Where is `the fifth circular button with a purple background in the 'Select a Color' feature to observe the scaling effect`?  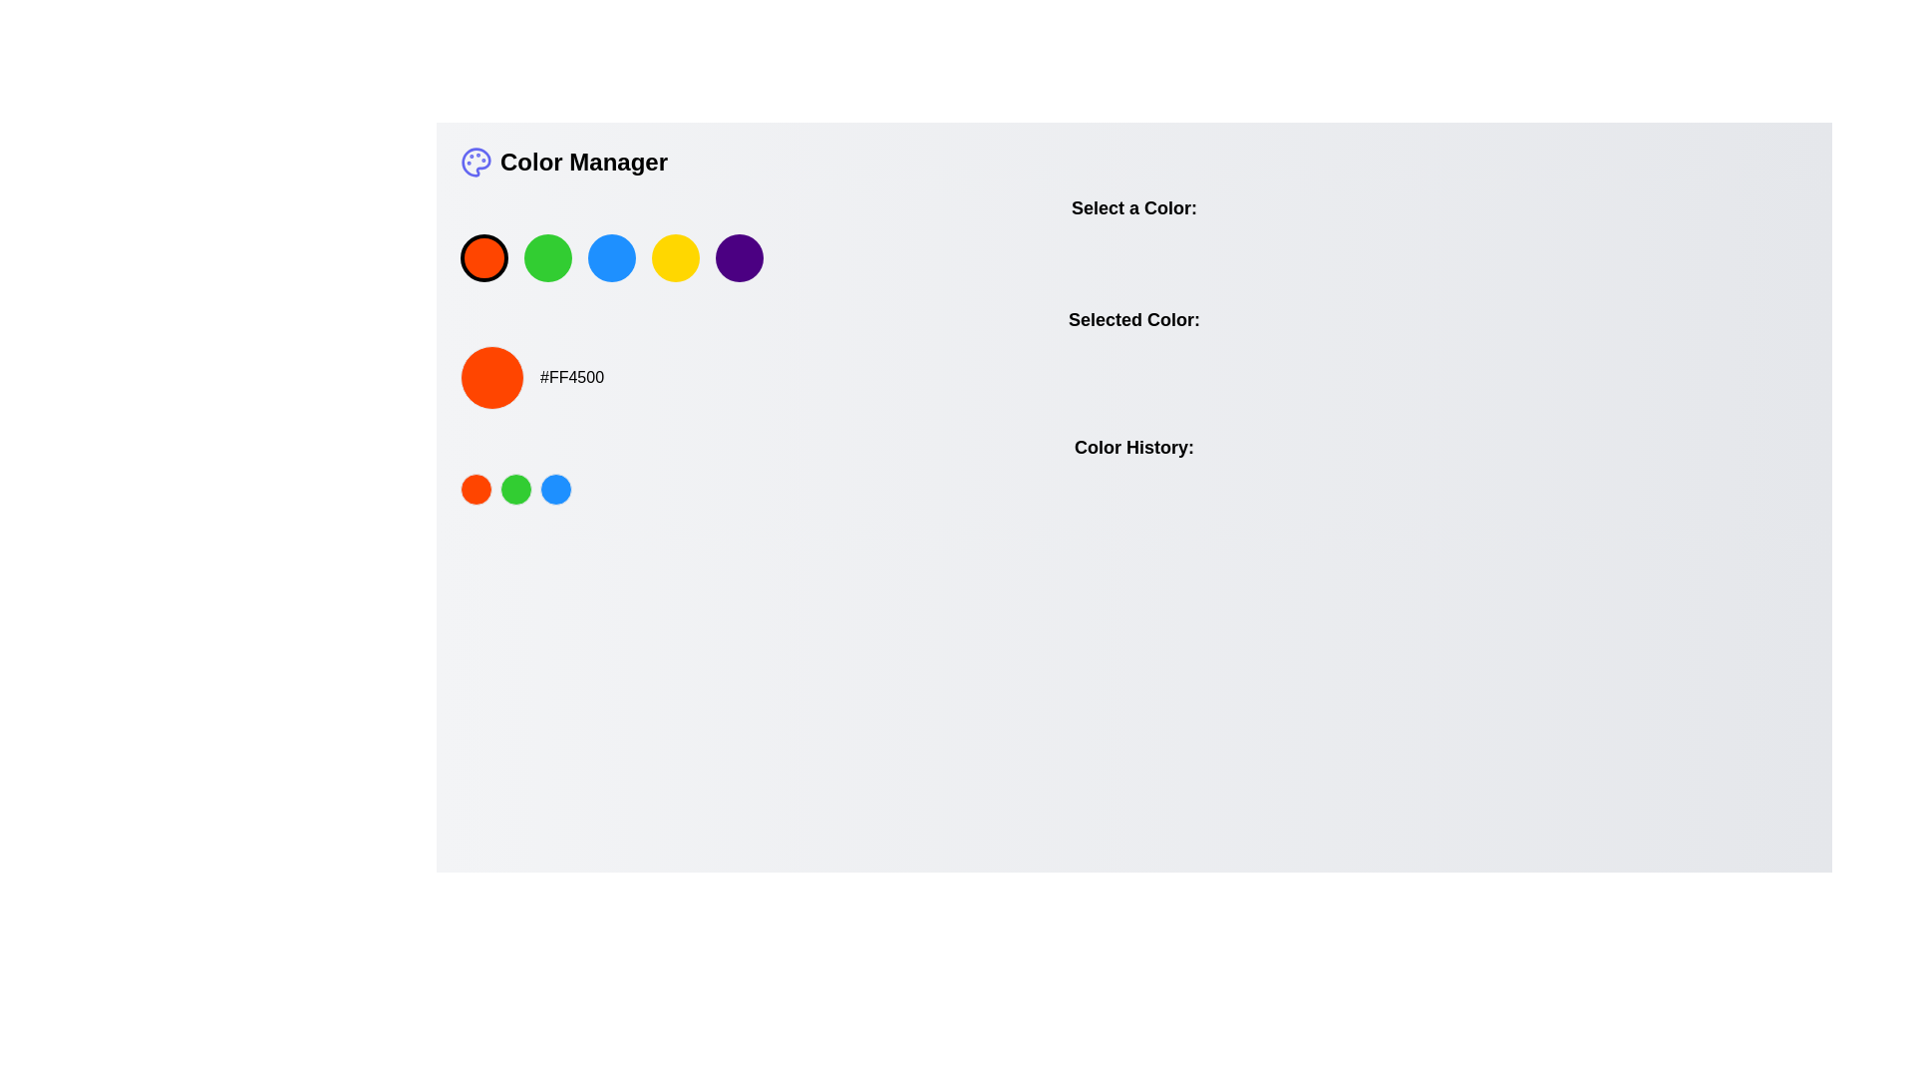
the fifth circular button with a purple background in the 'Select a Color' feature to observe the scaling effect is located at coordinates (739, 256).